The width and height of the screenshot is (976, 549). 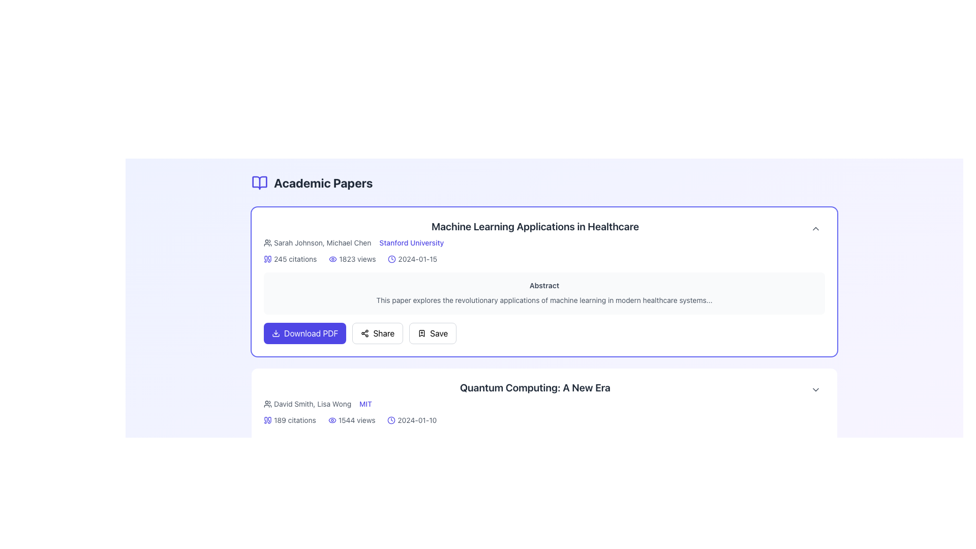 I want to click on the text element displaying '245 citations,' which includes a blue quotation mark icon as a prefix, located in the metadata section of the topmost academic paper, so click(x=290, y=258).